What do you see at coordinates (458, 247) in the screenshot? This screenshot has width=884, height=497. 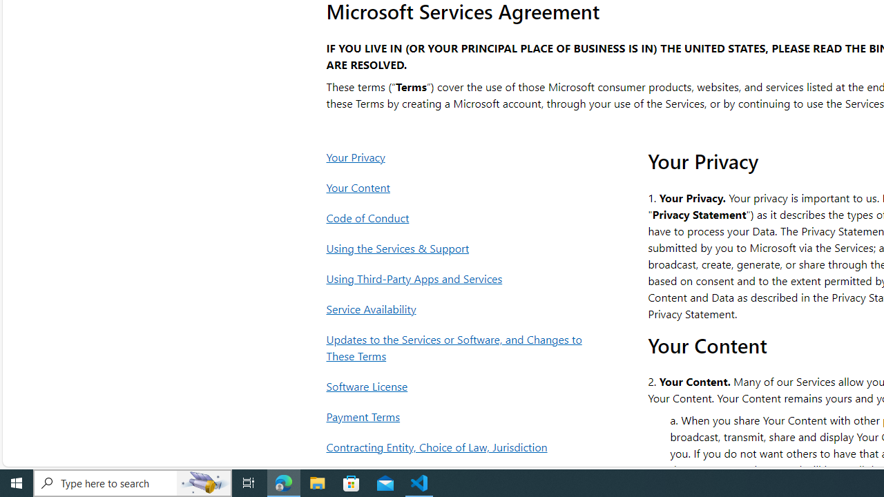 I see `'Using the Services & Support'` at bounding box center [458, 247].